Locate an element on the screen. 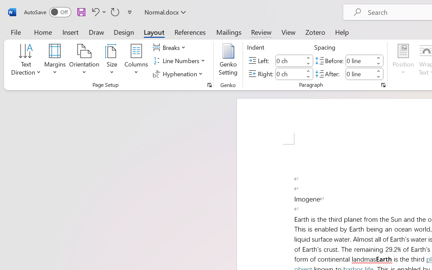 The width and height of the screenshot is (432, 270). 'Undo Paste Destination Formatting' is located at coordinates (94, 11).